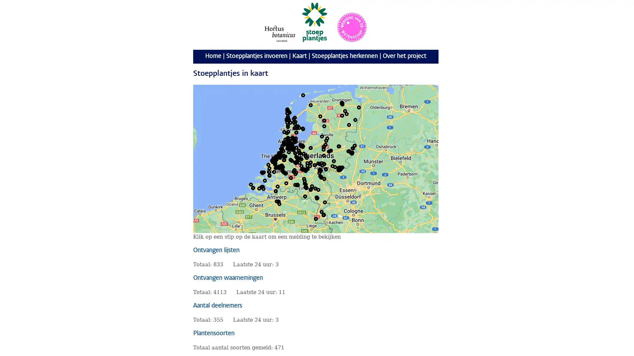 The height and width of the screenshot is (356, 634). What do you see at coordinates (321, 176) in the screenshot?
I see `Telling van Patricia Verkerk op 04 december 2021` at bounding box center [321, 176].